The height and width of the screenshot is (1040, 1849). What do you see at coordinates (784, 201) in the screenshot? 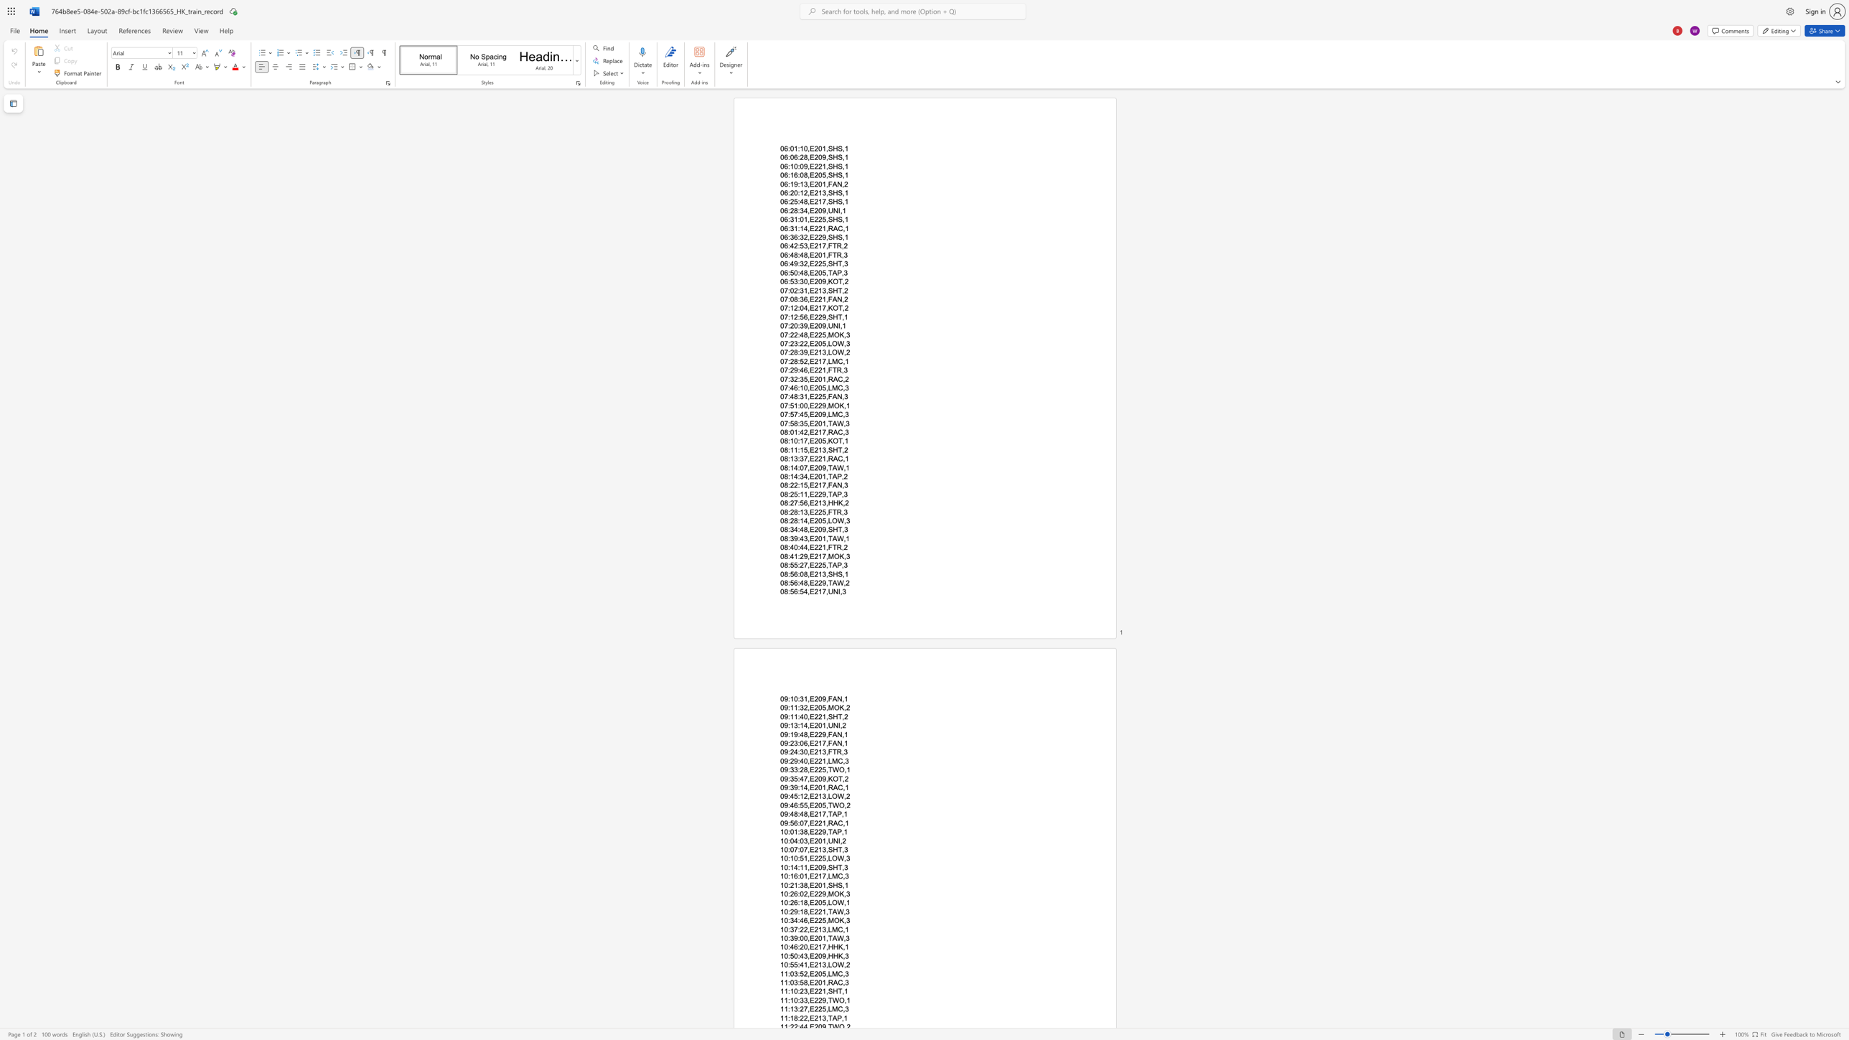
I see `the space between the continuous character "0" and "6" in the text` at bounding box center [784, 201].